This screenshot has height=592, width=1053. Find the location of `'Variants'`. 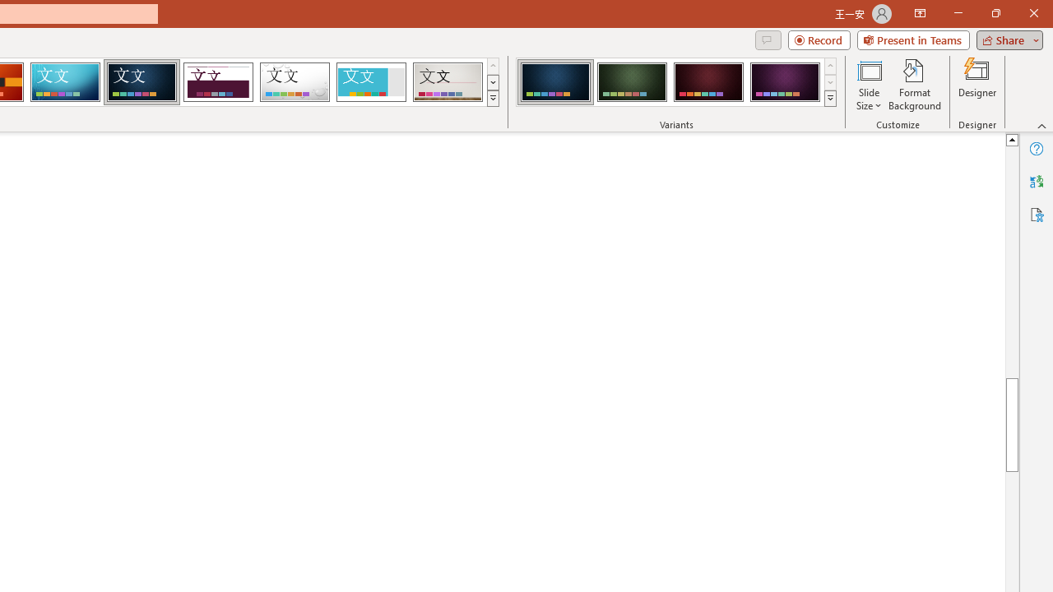

'Variants' is located at coordinates (830, 99).